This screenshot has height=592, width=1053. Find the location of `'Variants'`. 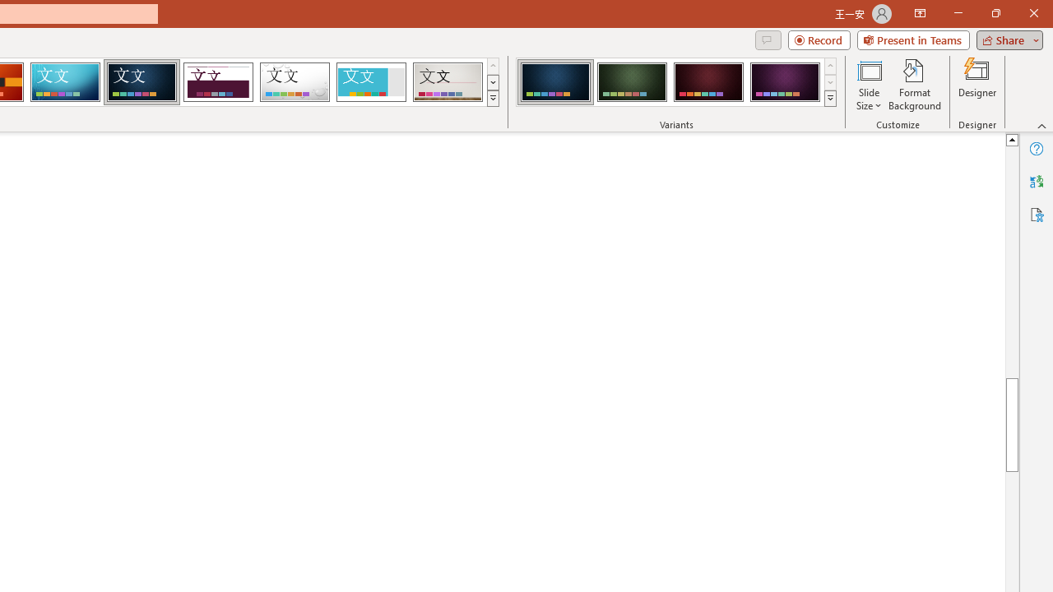

'Variants' is located at coordinates (830, 99).